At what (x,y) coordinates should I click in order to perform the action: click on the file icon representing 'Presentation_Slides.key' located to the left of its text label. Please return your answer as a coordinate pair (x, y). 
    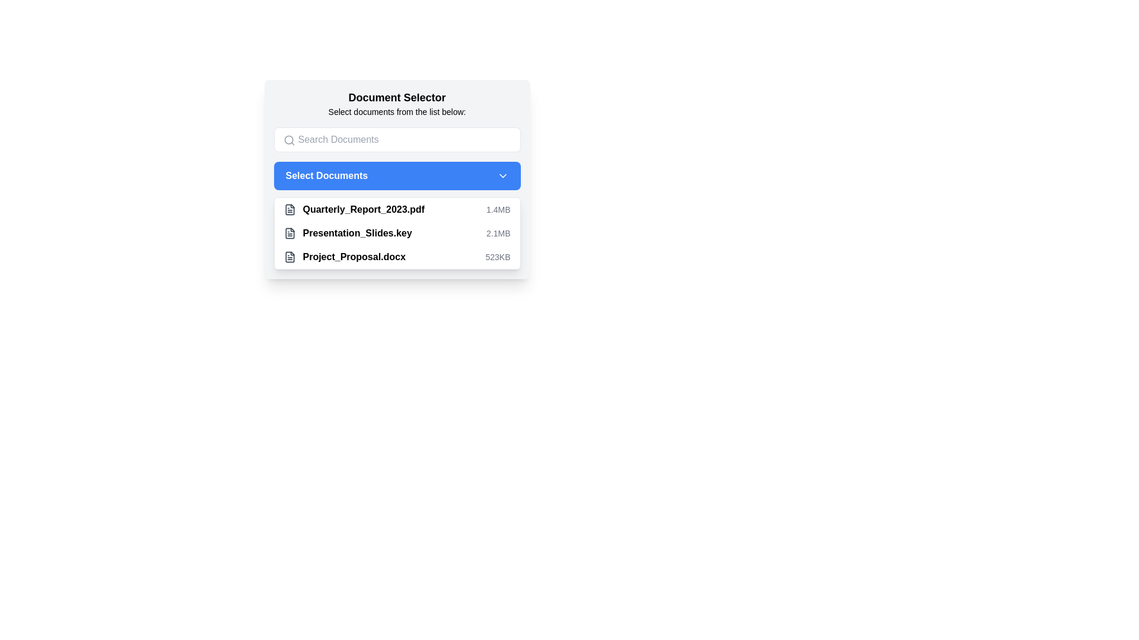
    Looking at the image, I should click on (289, 233).